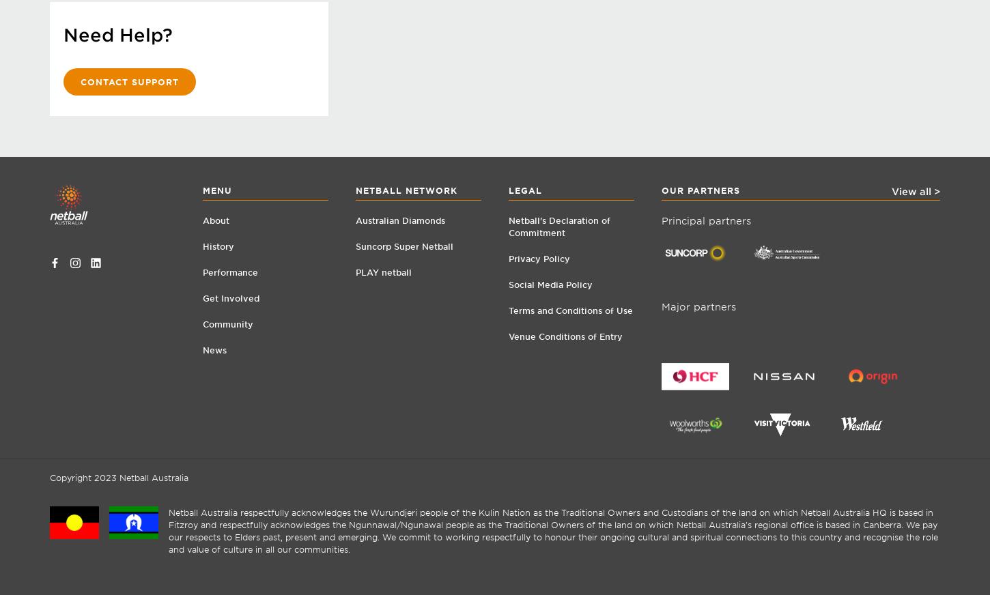 The width and height of the screenshot is (990, 595). What do you see at coordinates (891, 190) in the screenshot?
I see `'View all >'` at bounding box center [891, 190].